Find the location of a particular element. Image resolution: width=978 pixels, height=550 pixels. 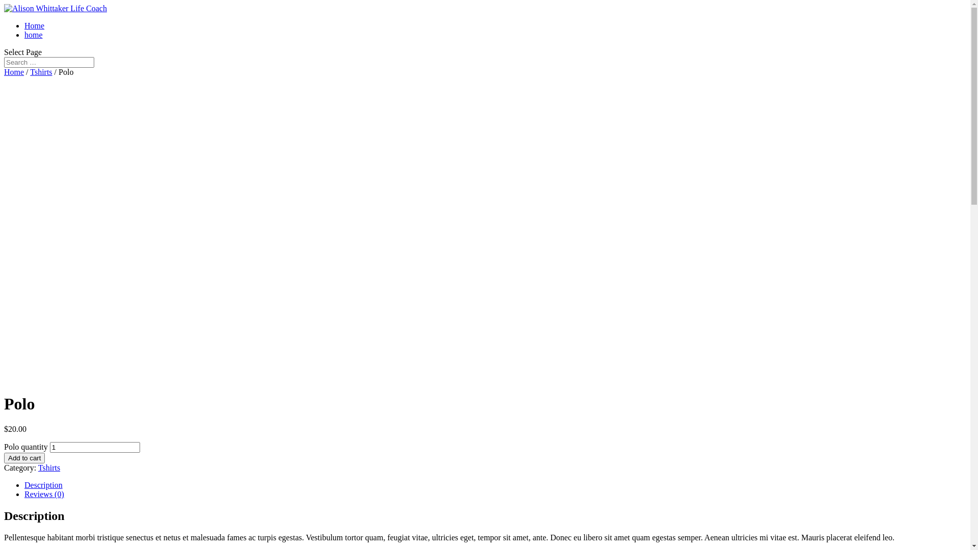

'Description' is located at coordinates (24, 484).